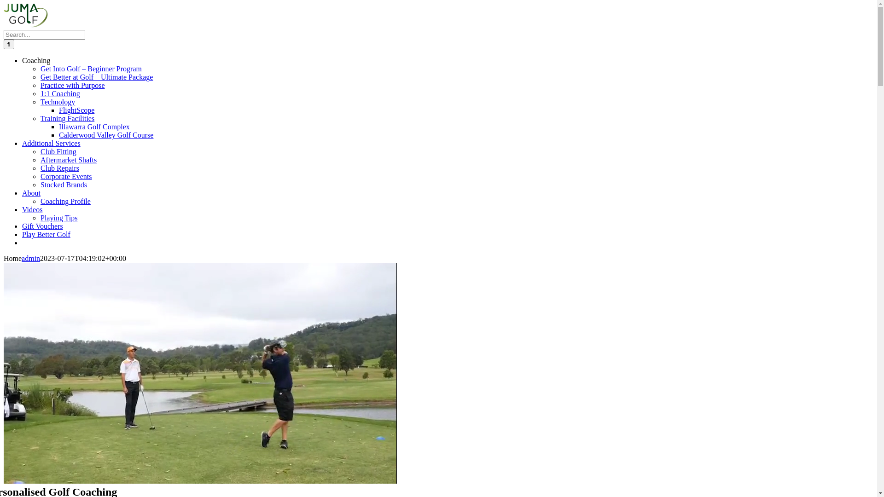  What do you see at coordinates (58, 127) in the screenshot?
I see `'Illawarra Golf Complex'` at bounding box center [58, 127].